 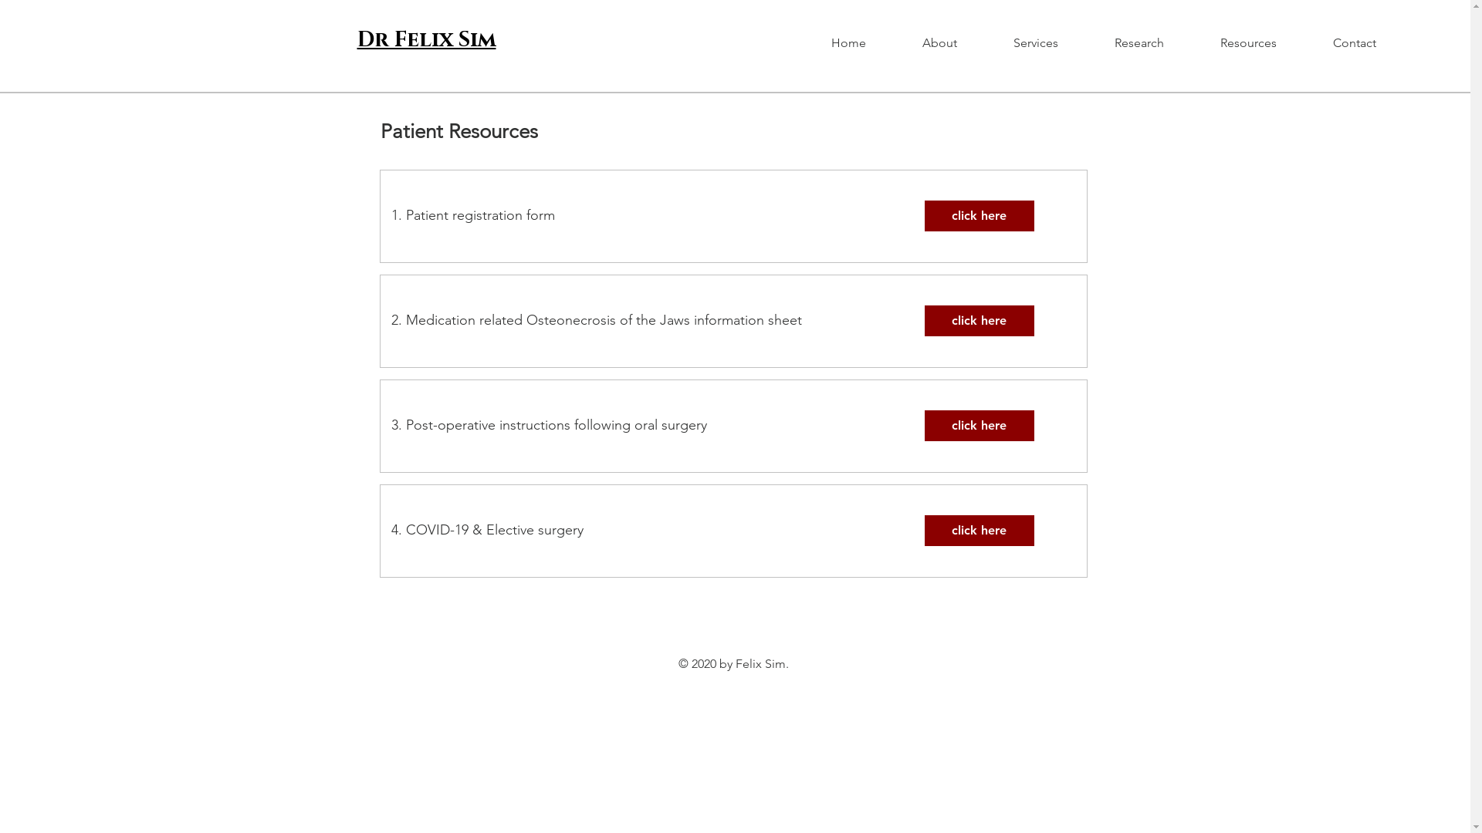 I want to click on 'Contact', so click(x=1371, y=42).